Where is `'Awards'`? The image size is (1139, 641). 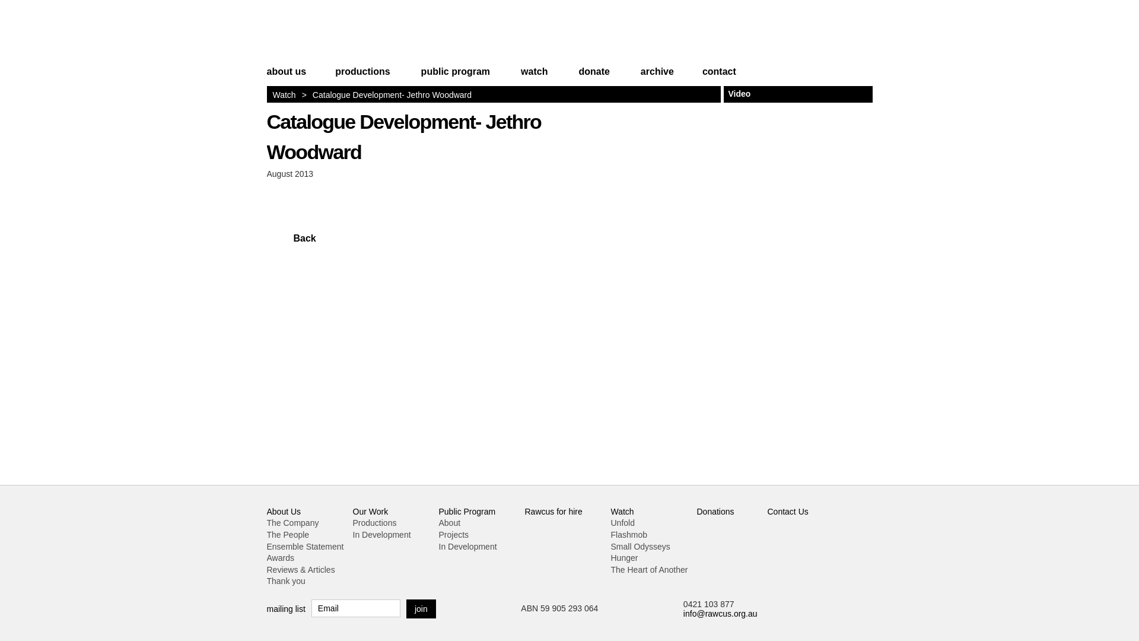 'Awards' is located at coordinates (280, 558).